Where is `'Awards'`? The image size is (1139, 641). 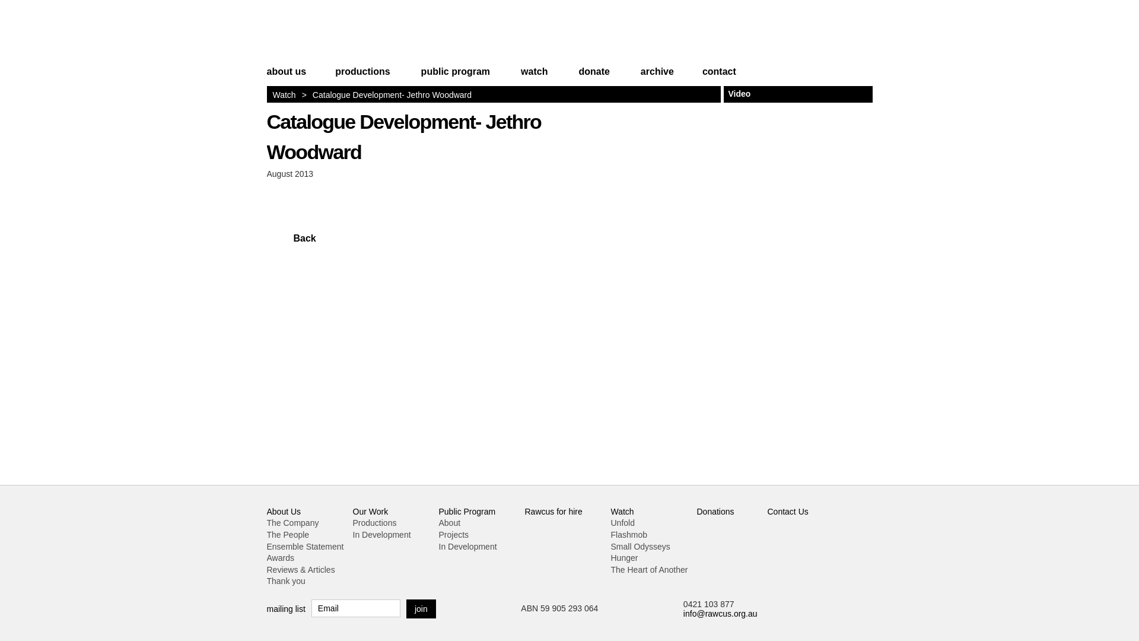 'Awards' is located at coordinates (280, 558).